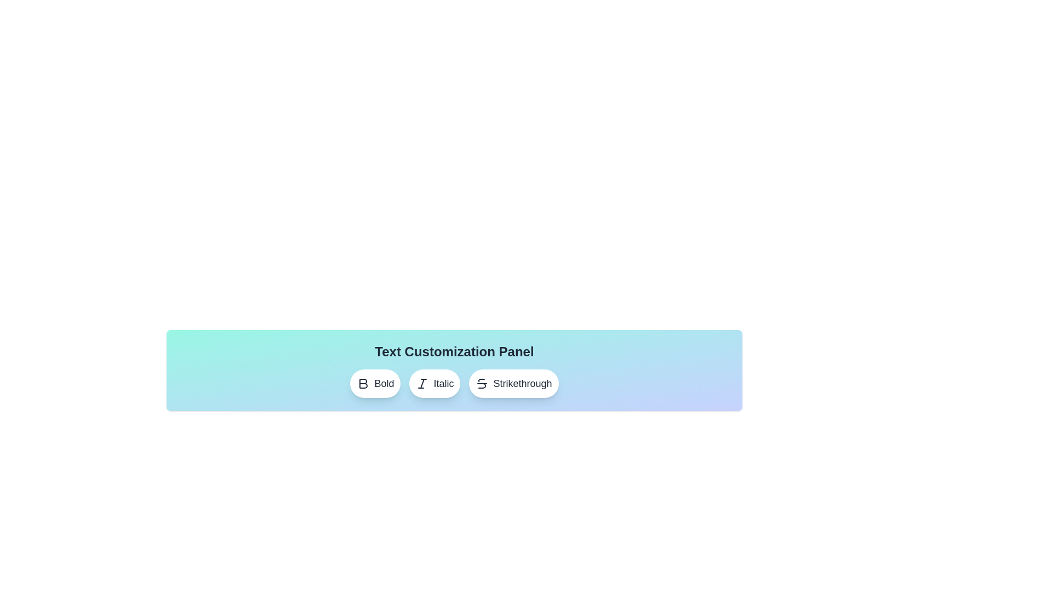 The image size is (1052, 592). What do you see at coordinates (454, 383) in the screenshot?
I see `the 'Italic' button in the 'Text Customization Panel' to apply italic formatting` at bounding box center [454, 383].